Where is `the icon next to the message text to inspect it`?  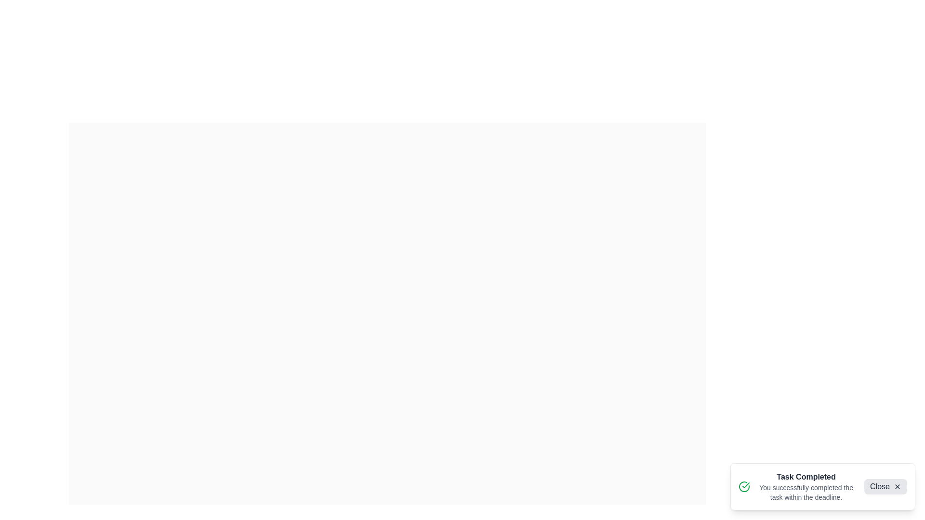
the icon next to the message text to inspect it is located at coordinates (744, 486).